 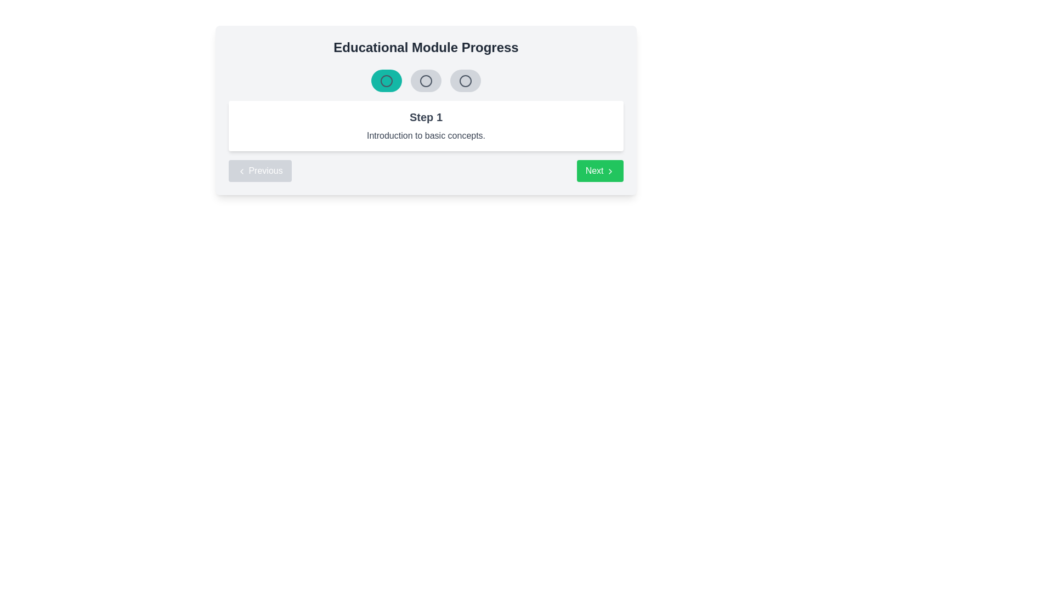 I want to click on the circular icon with a central dot and border, which is the third in a row of similar icons at the top center of the interface, so click(x=466, y=79).